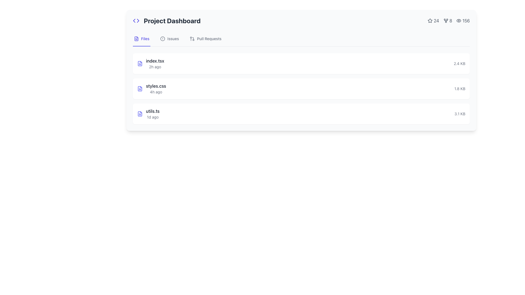 The width and height of the screenshot is (525, 295). Describe the element at coordinates (449, 20) in the screenshot. I see `the third status indicator icon in the top-right corner of the interface, which displays a numerical caption related to project metrics` at that location.